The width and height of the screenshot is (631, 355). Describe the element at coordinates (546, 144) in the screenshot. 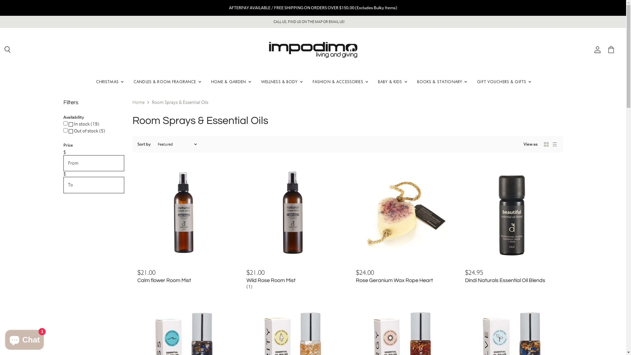

I see `'Grid icon'` at that location.